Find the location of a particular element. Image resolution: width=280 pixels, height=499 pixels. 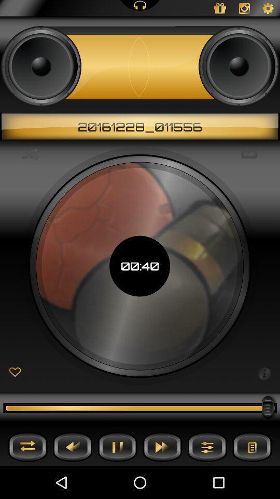

shuffle music is located at coordinates (27, 446).